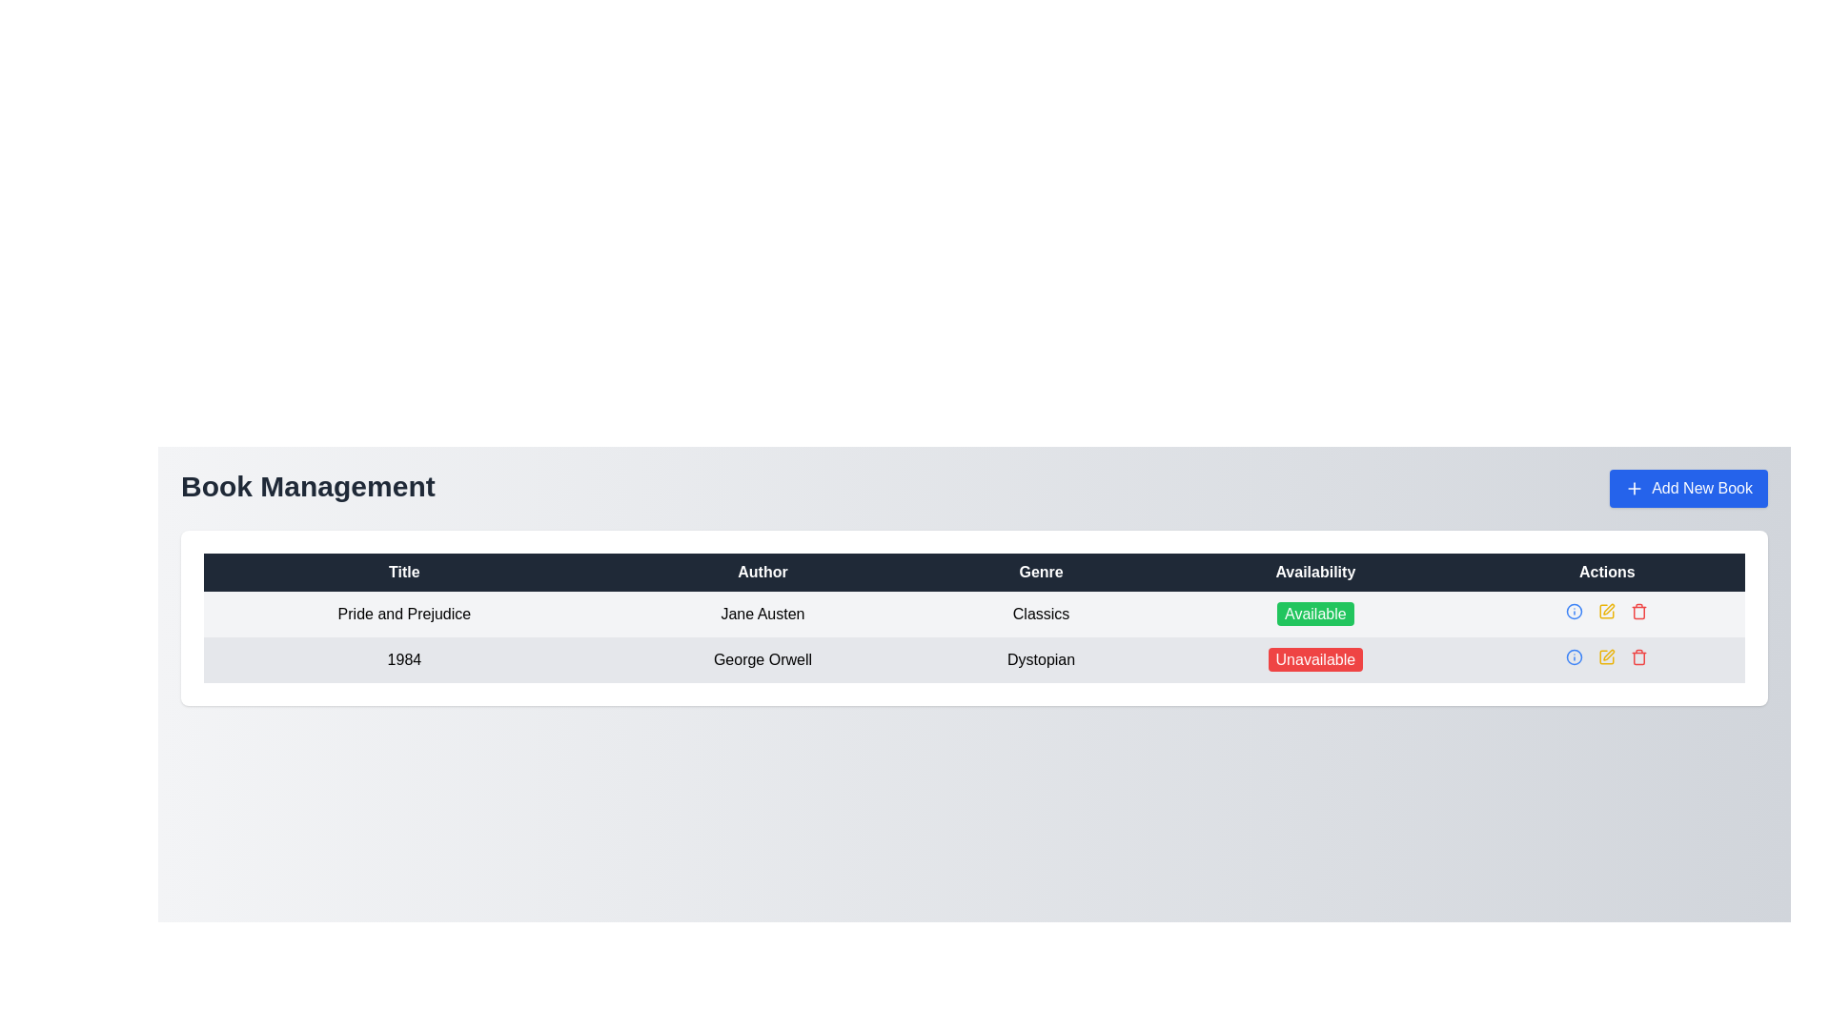 Image resolution: width=1830 pixels, height=1029 pixels. Describe the element at coordinates (1606, 656) in the screenshot. I see `the edit button icon located in the second position of the 'Actions' column of the last row in the tabular data to initiate editing` at that location.